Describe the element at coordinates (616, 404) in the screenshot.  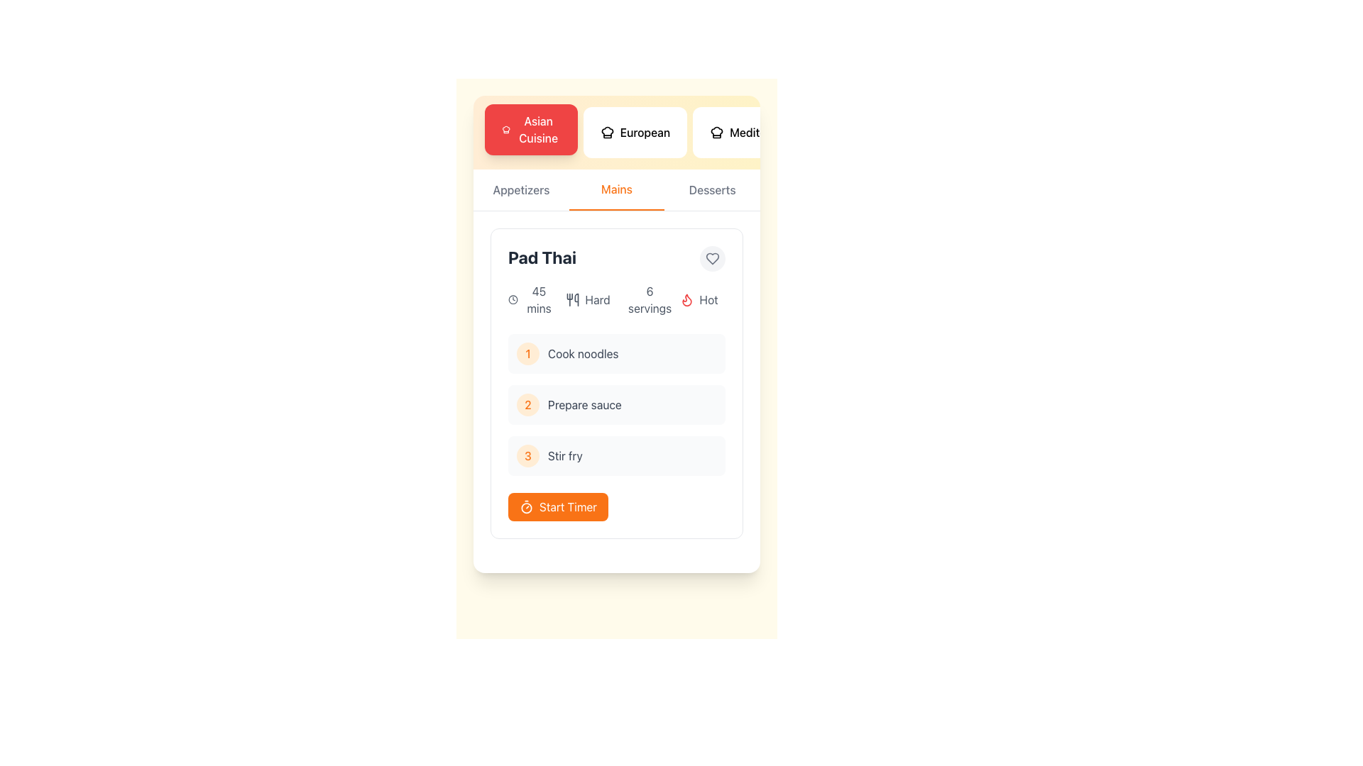
I see `text of the second step in the cooking instructions, which is the step for preparing the sauce, located in the centered card below 'Cook noodles' and above 'Stir fry'` at that location.